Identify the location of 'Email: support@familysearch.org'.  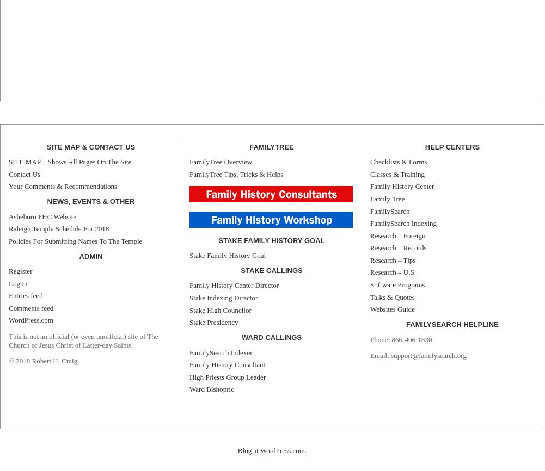
(418, 354).